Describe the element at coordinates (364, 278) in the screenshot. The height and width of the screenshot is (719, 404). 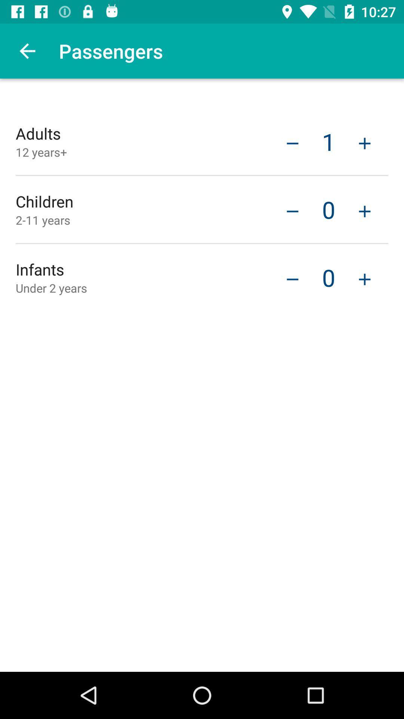
I see `icon to the right of 0 icon` at that location.